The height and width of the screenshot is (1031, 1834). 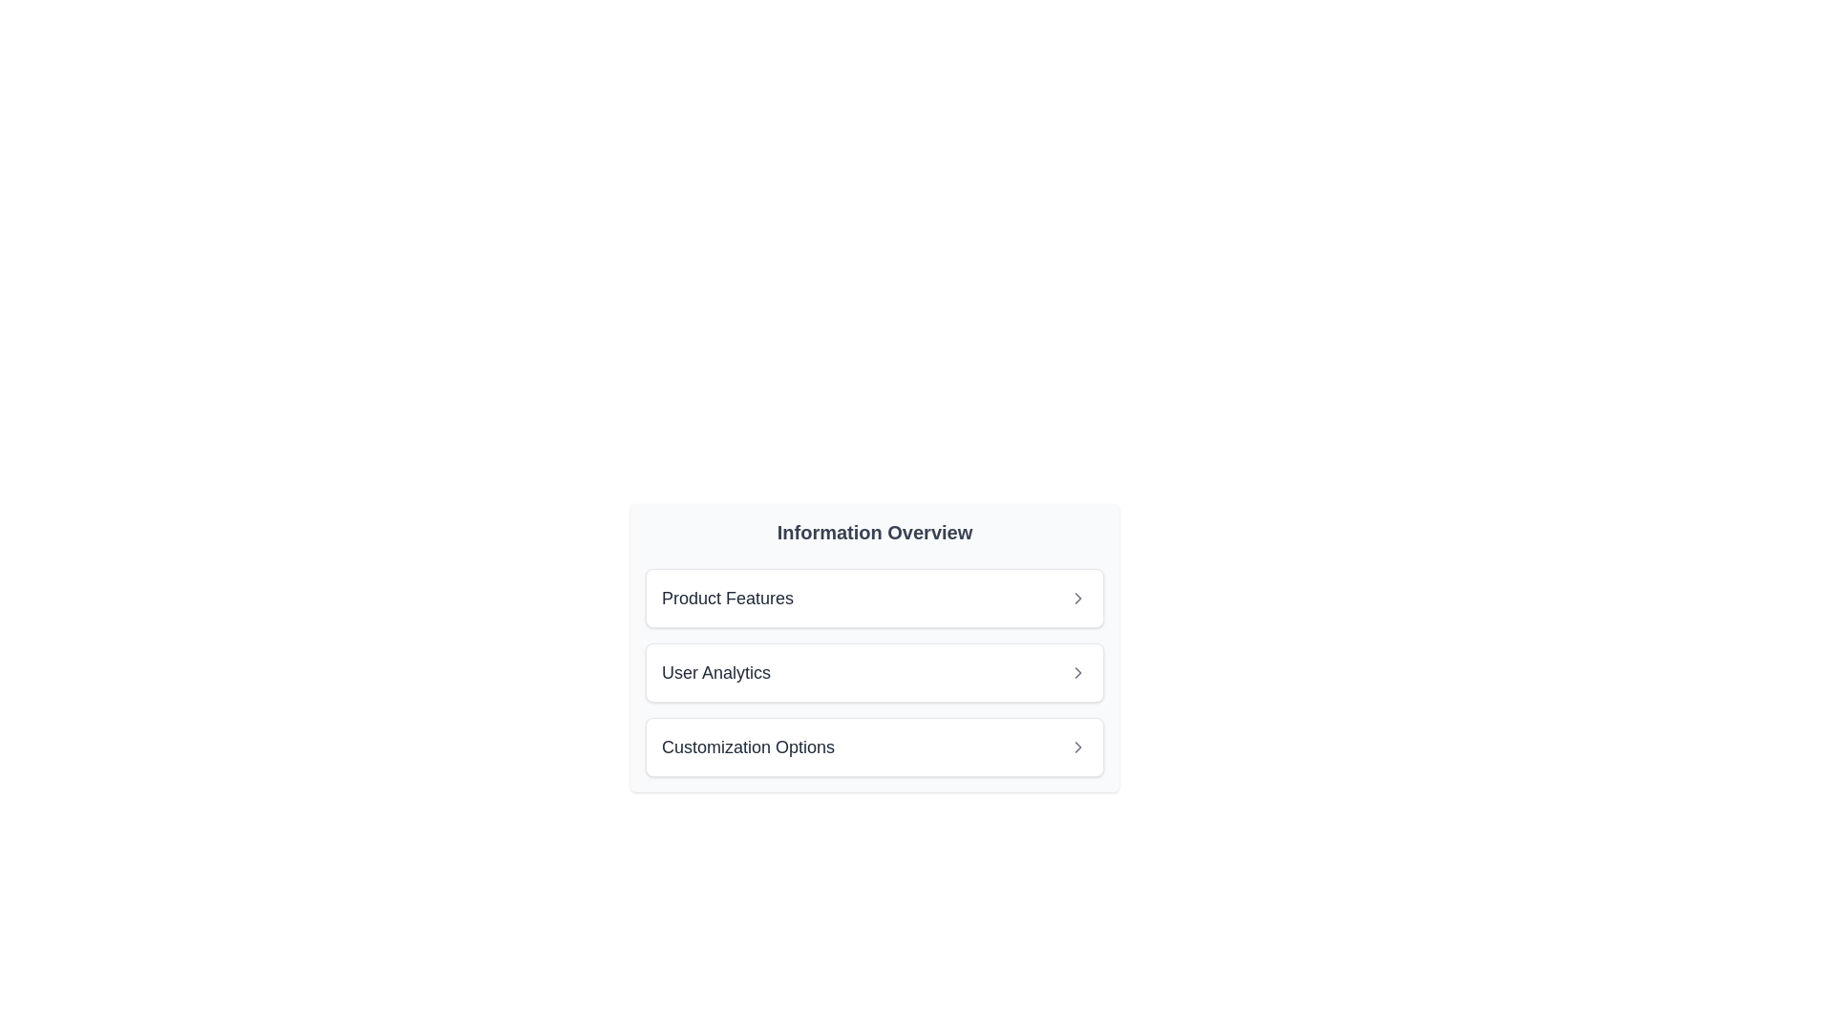 What do you see at coordinates (1077, 747) in the screenshot?
I see `the right-facing chevron icon located in the 'Customization Options' row to trigger the hover effects` at bounding box center [1077, 747].